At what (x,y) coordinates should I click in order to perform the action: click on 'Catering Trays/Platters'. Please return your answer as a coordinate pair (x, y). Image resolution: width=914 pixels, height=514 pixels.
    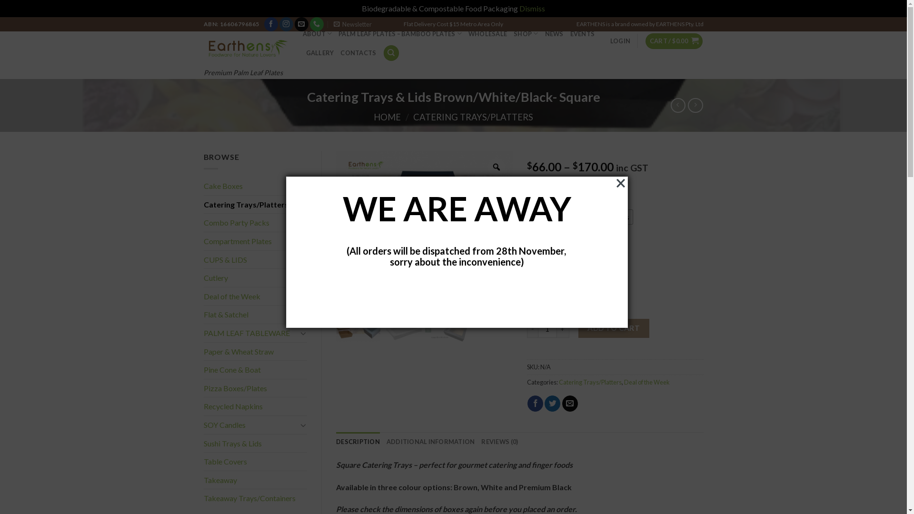
    Looking at the image, I should click on (559, 381).